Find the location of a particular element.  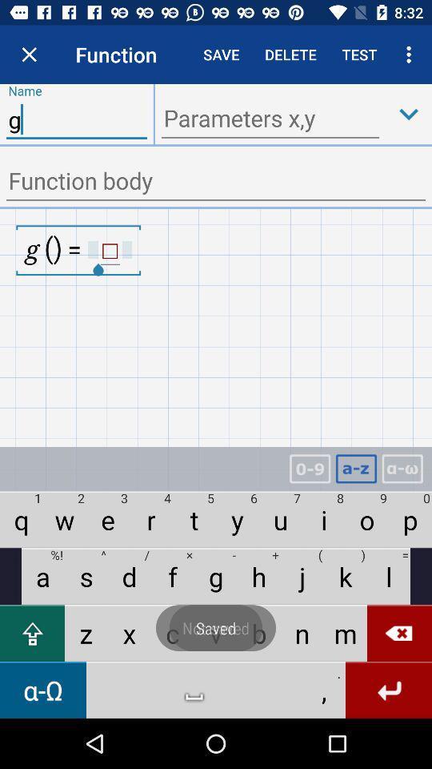

enable keyboard is located at coordinates (356, 469).